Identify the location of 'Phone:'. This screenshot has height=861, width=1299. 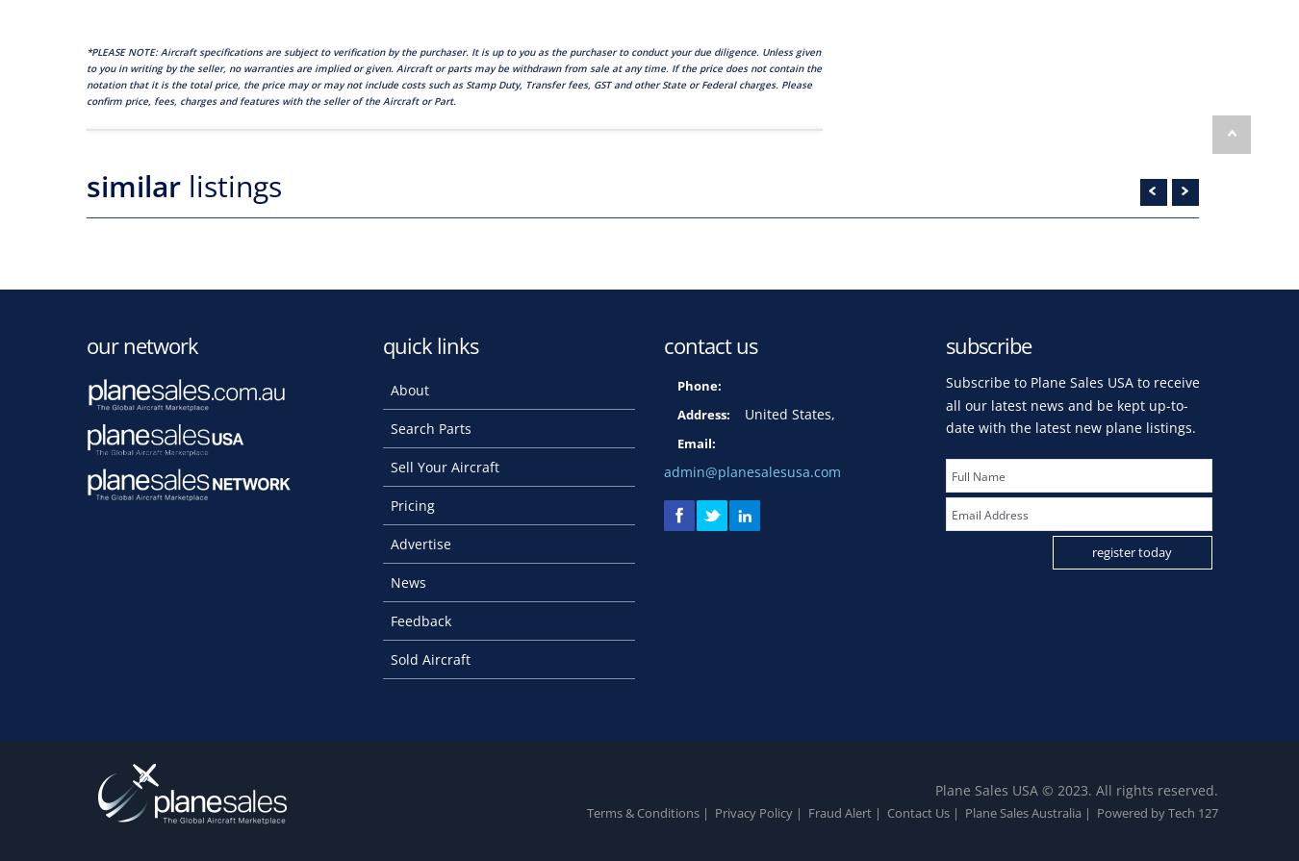
(698, 384).